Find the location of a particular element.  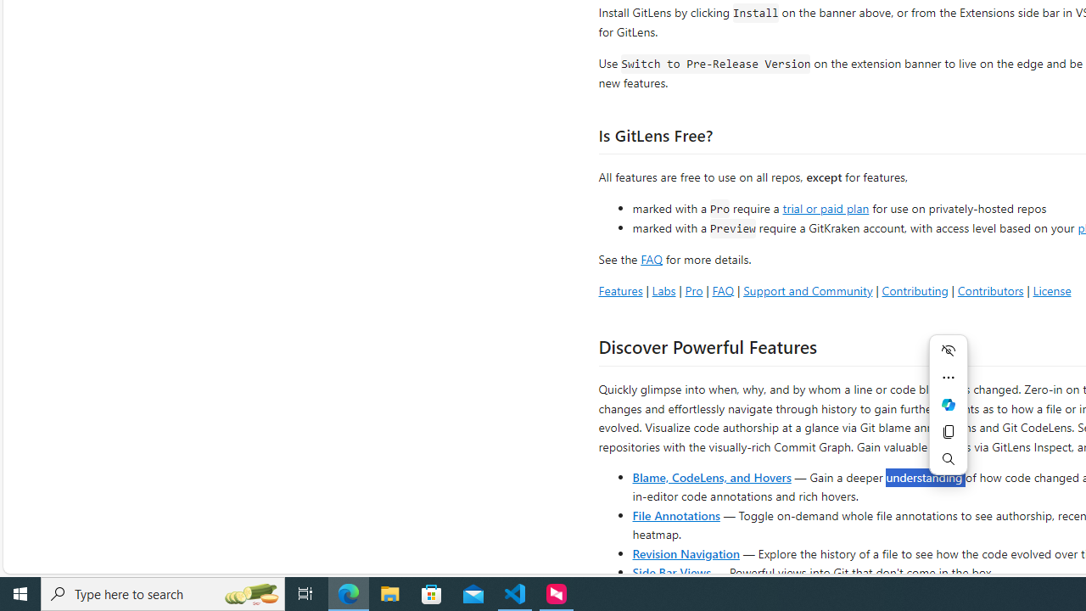

'License' is located at coordinates (1051, 289).